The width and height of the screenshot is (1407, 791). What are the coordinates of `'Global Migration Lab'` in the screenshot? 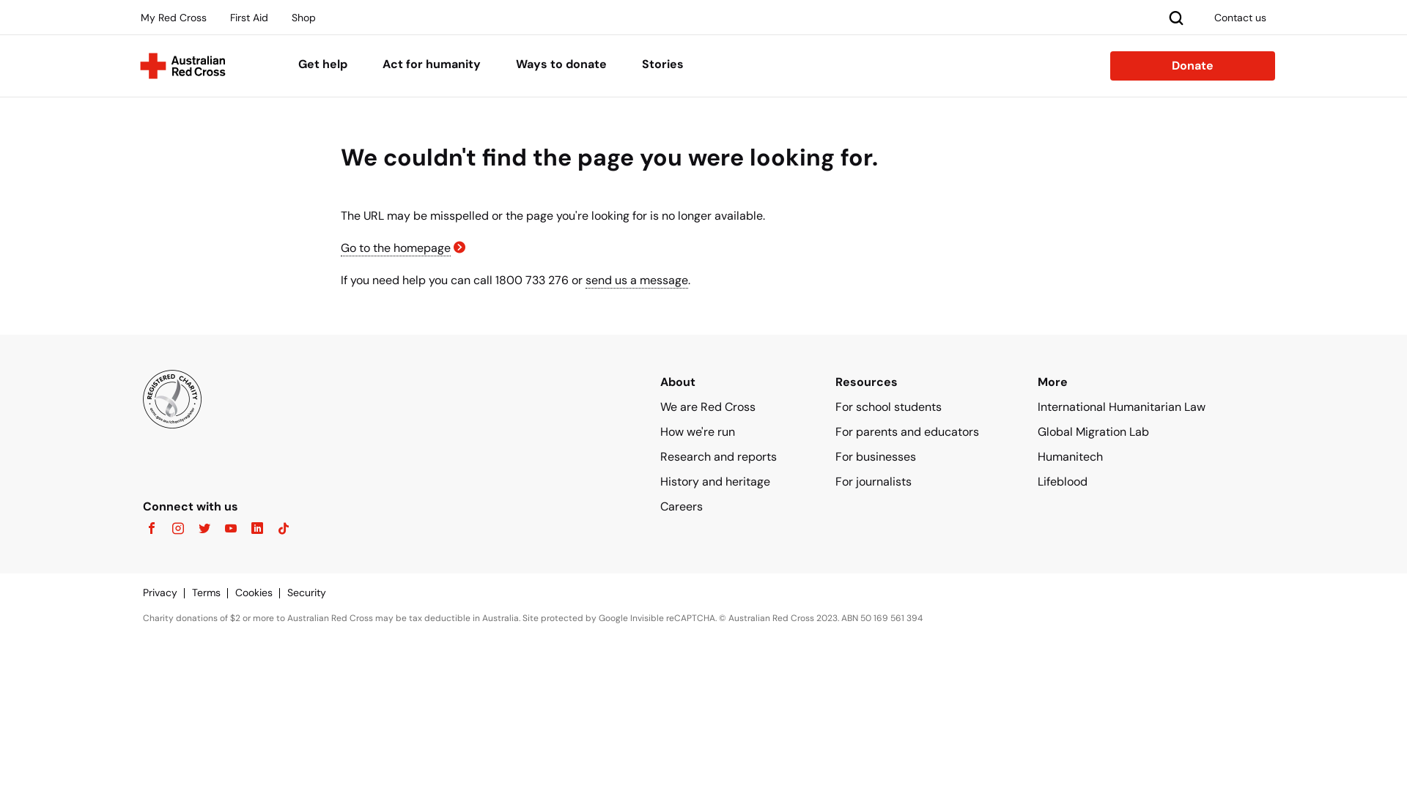 It's located at (1093, 431).